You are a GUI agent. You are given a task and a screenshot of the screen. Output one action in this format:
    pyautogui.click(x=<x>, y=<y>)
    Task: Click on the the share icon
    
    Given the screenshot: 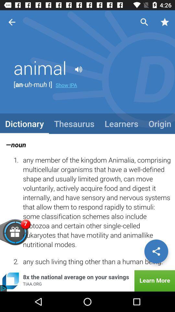 What is the action you would take?
    pyautogui.click(x=156, y=251)
    